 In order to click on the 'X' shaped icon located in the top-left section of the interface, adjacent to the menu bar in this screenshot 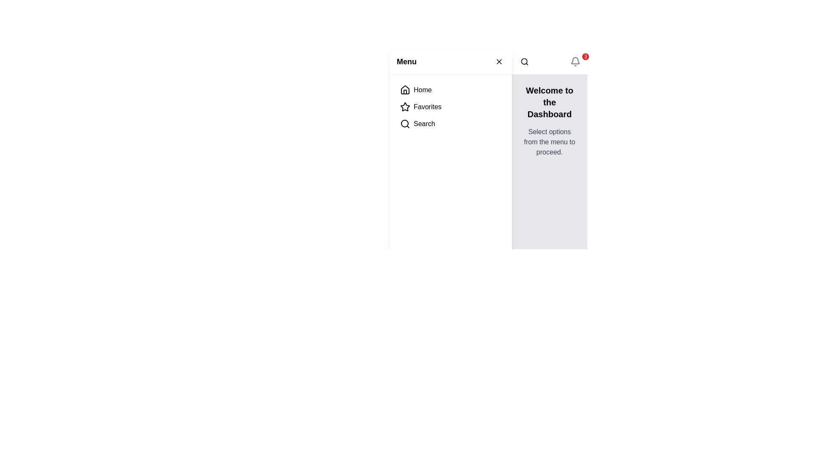, I will do `click(499, 61)`.